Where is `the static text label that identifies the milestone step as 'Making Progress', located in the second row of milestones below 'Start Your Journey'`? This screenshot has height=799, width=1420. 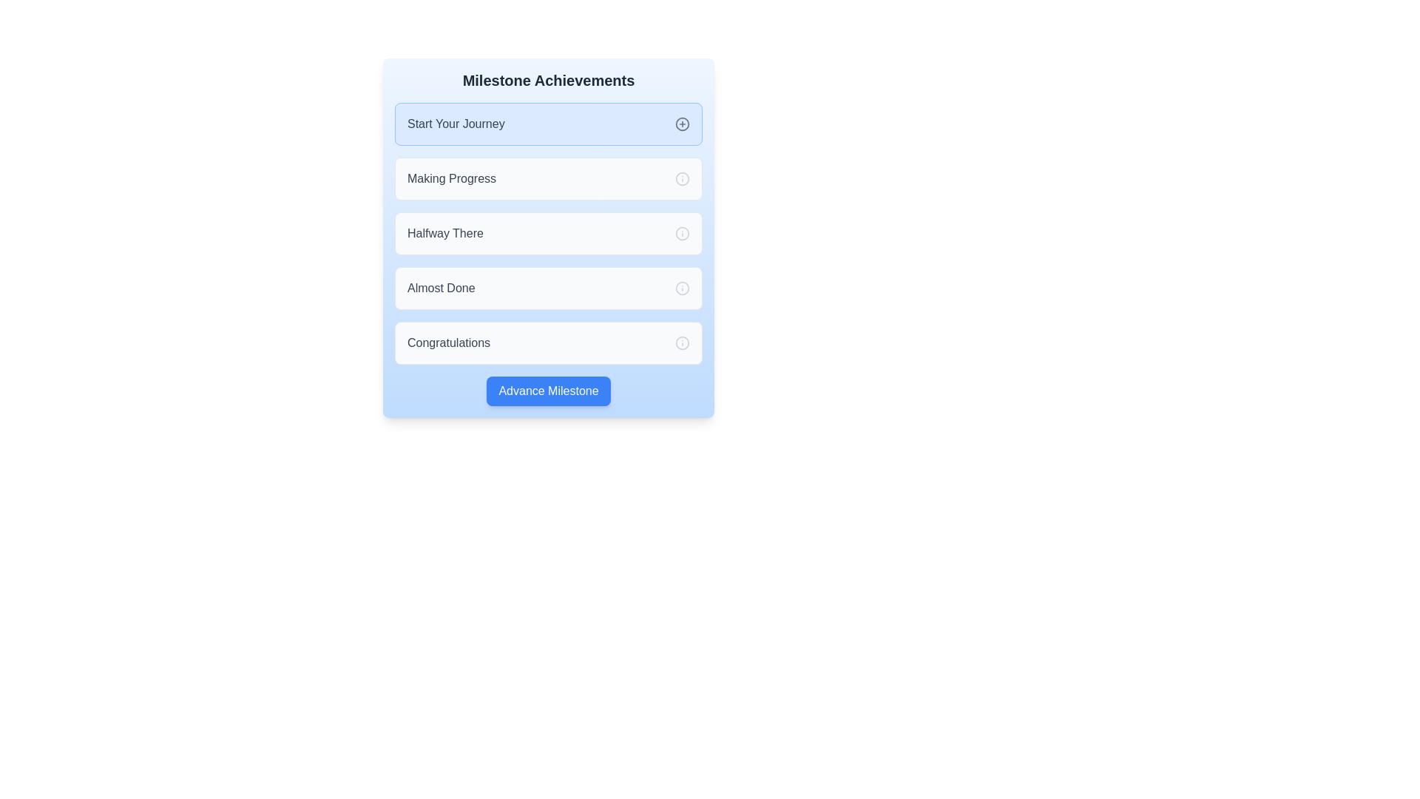
the static text label that identifies the milestone step as 'Making Progress', located in the second row of milestones below 'Start Your Journey' is located at coordinates (450, 178).